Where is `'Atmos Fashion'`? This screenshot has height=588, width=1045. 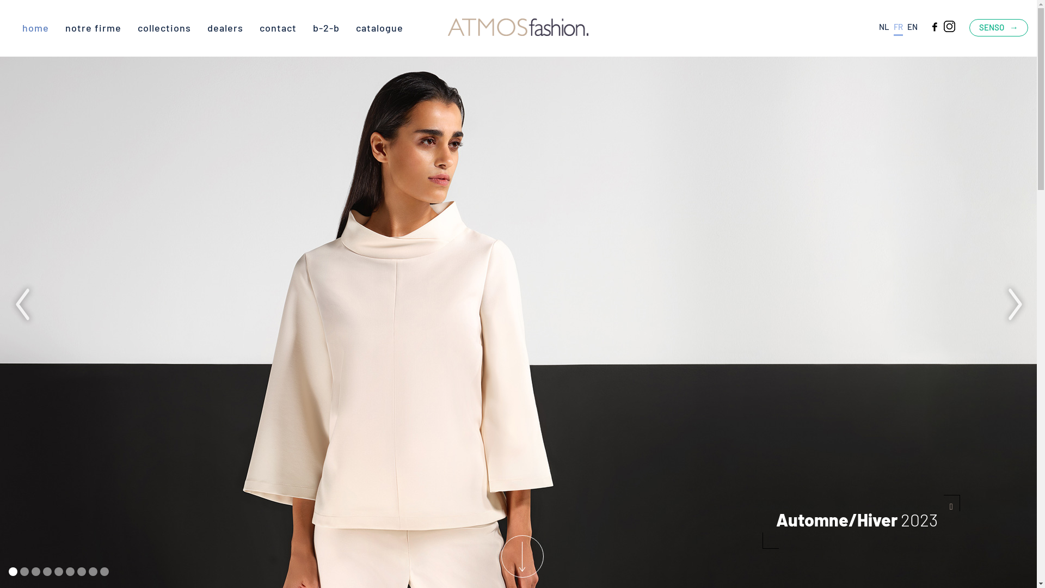 'Atmos Fashion' is located at coordinates (447, 28).